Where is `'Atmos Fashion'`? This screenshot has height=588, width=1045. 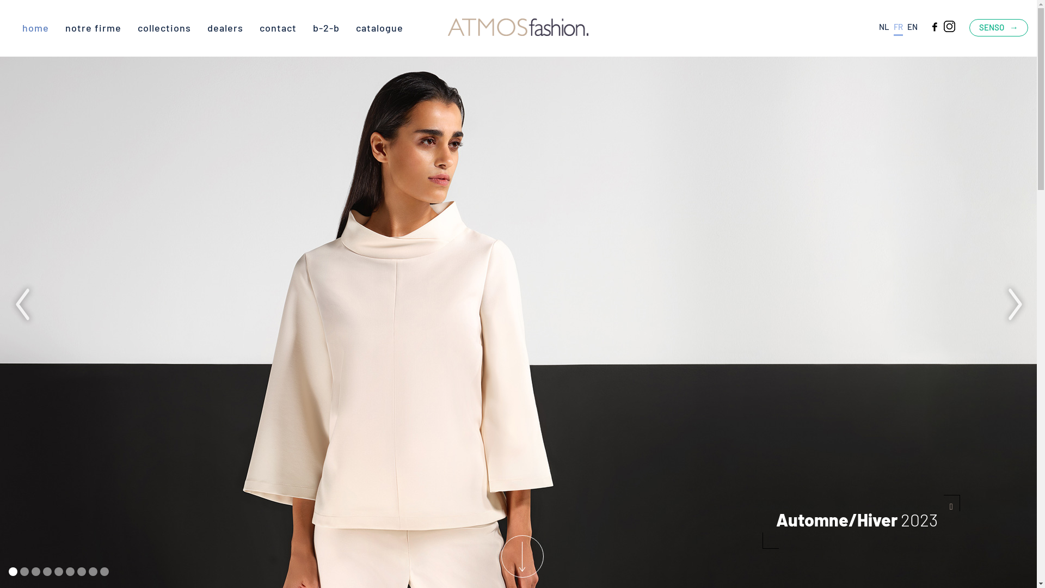 'Atmos Fashion' is located at coordinates (447, 28).